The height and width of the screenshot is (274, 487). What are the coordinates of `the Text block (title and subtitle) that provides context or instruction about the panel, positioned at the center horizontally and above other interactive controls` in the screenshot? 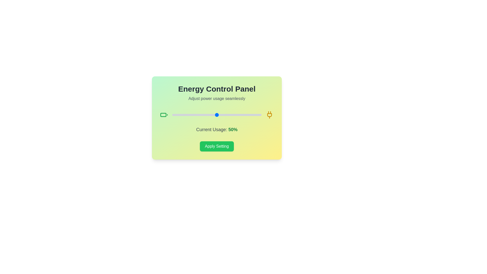 It's located at (217, 93).